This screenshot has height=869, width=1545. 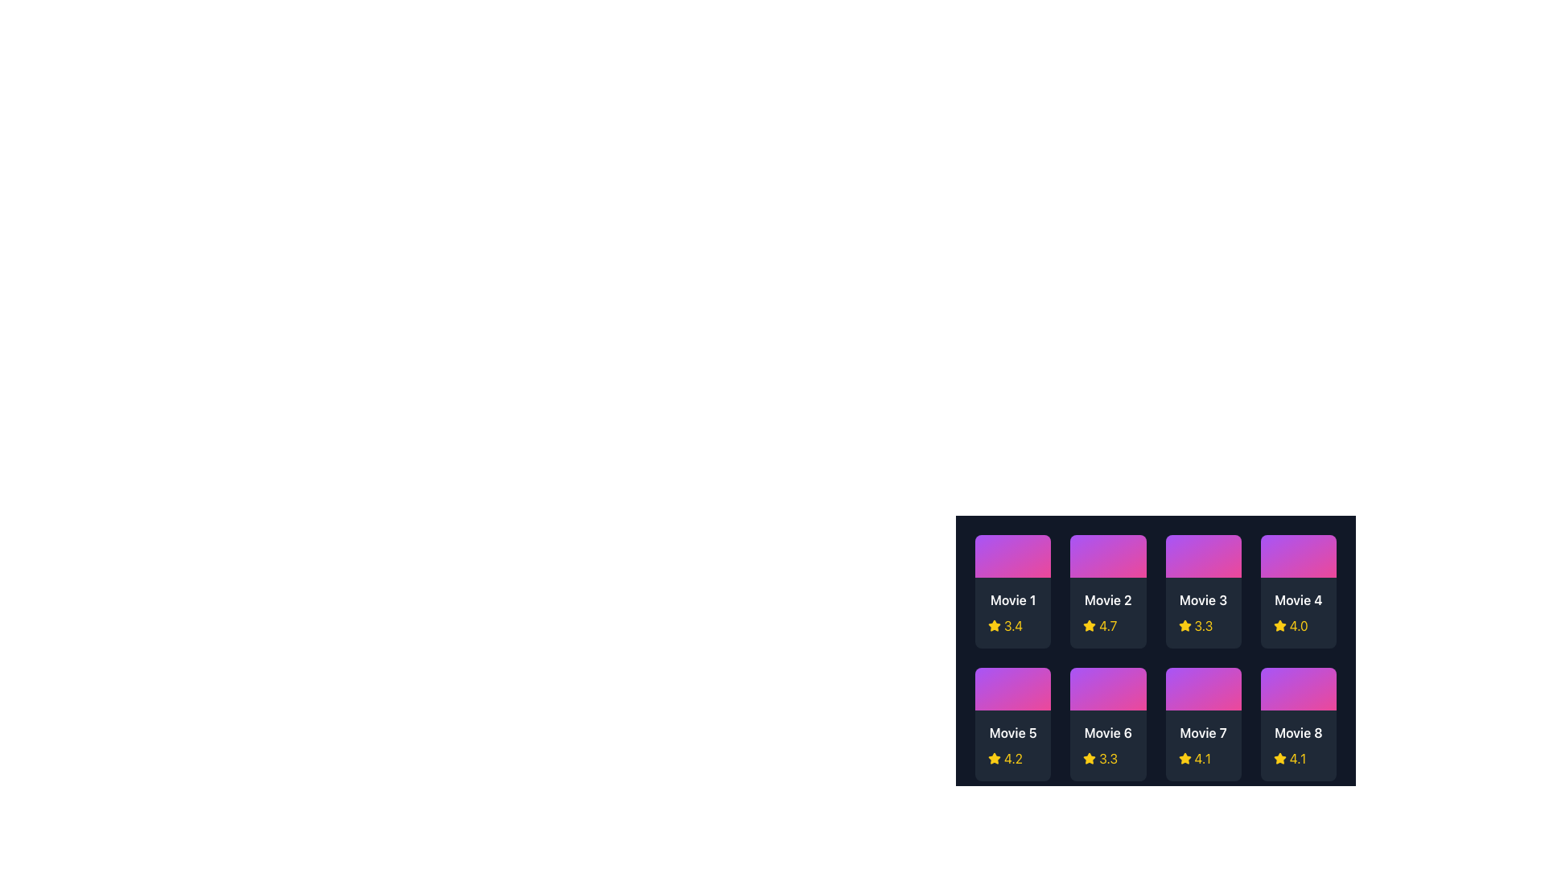 What do you see at coordinates (1298, 600) in the screenshot?
I see `the text label displaying 'Movie 4'` at bounding box center [1298, 600].